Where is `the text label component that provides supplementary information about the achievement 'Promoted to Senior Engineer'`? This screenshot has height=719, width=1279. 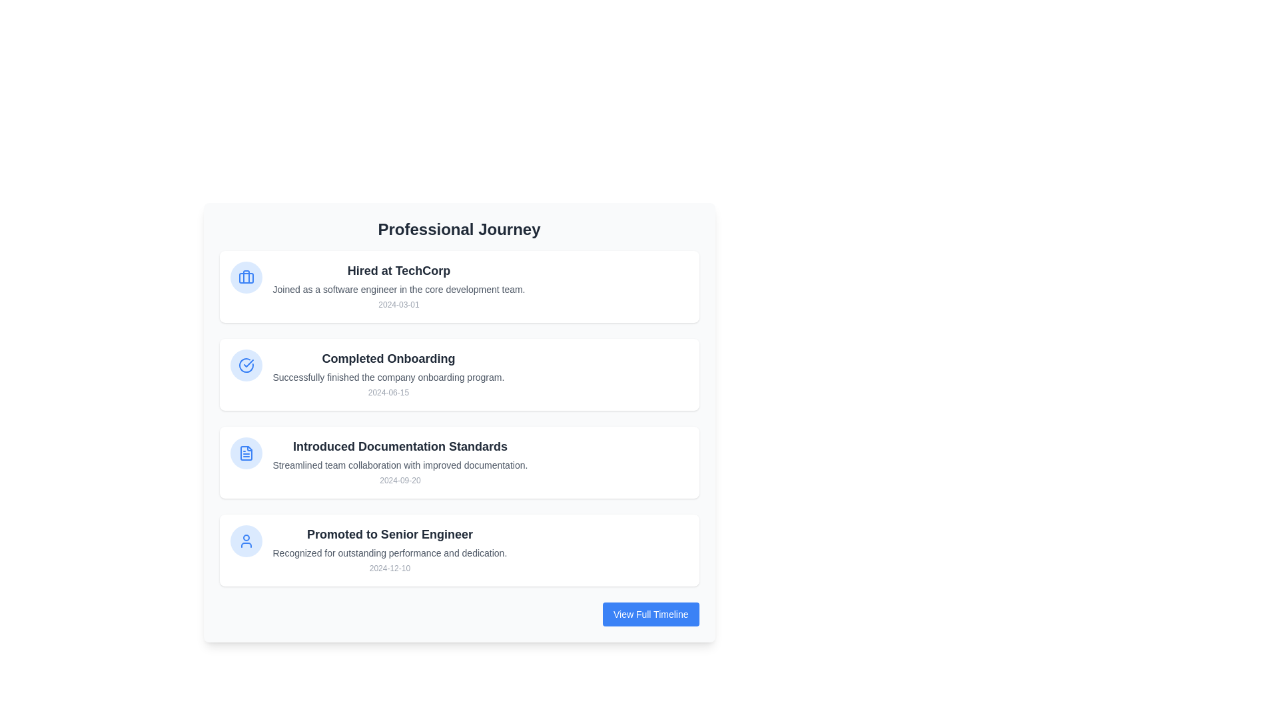
the text label component that provides supplementary information about the achievement 'Promoted to Senior Engineer' is located at coordinates (389, 553).